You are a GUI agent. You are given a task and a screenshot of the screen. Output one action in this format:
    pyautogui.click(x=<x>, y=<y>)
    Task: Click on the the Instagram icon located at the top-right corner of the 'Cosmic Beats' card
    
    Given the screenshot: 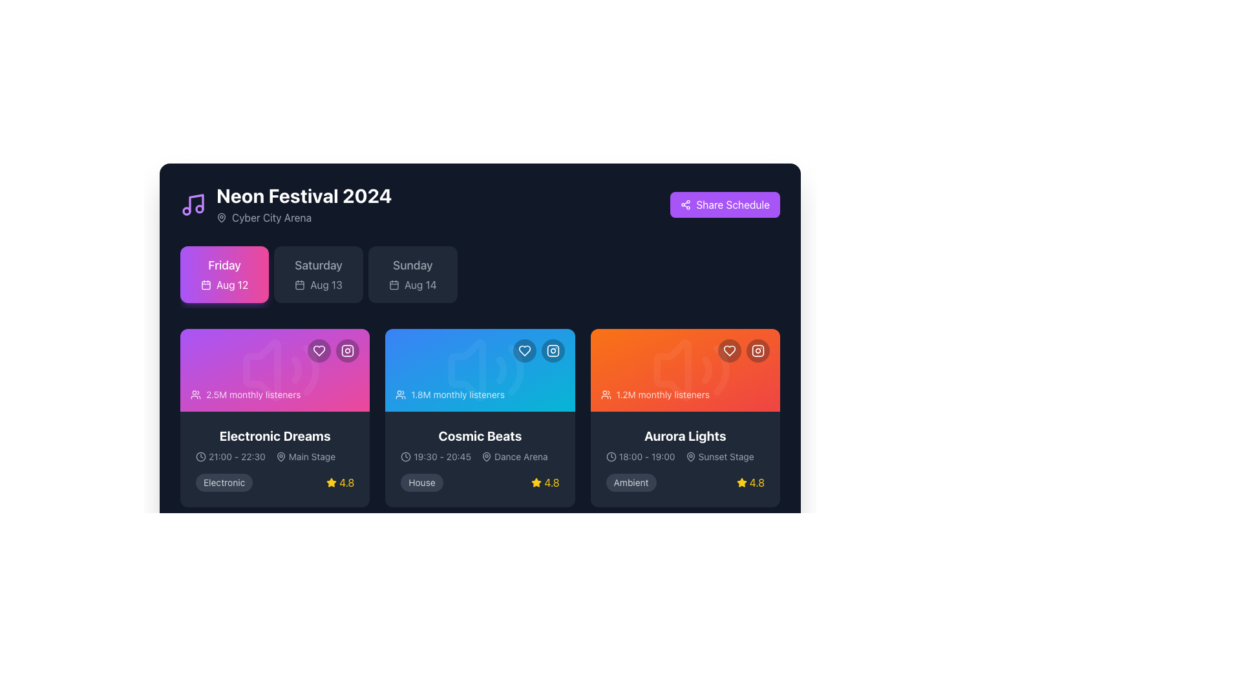 What is the action you would take?
    pyautogui.click(x=553, y=351)
    